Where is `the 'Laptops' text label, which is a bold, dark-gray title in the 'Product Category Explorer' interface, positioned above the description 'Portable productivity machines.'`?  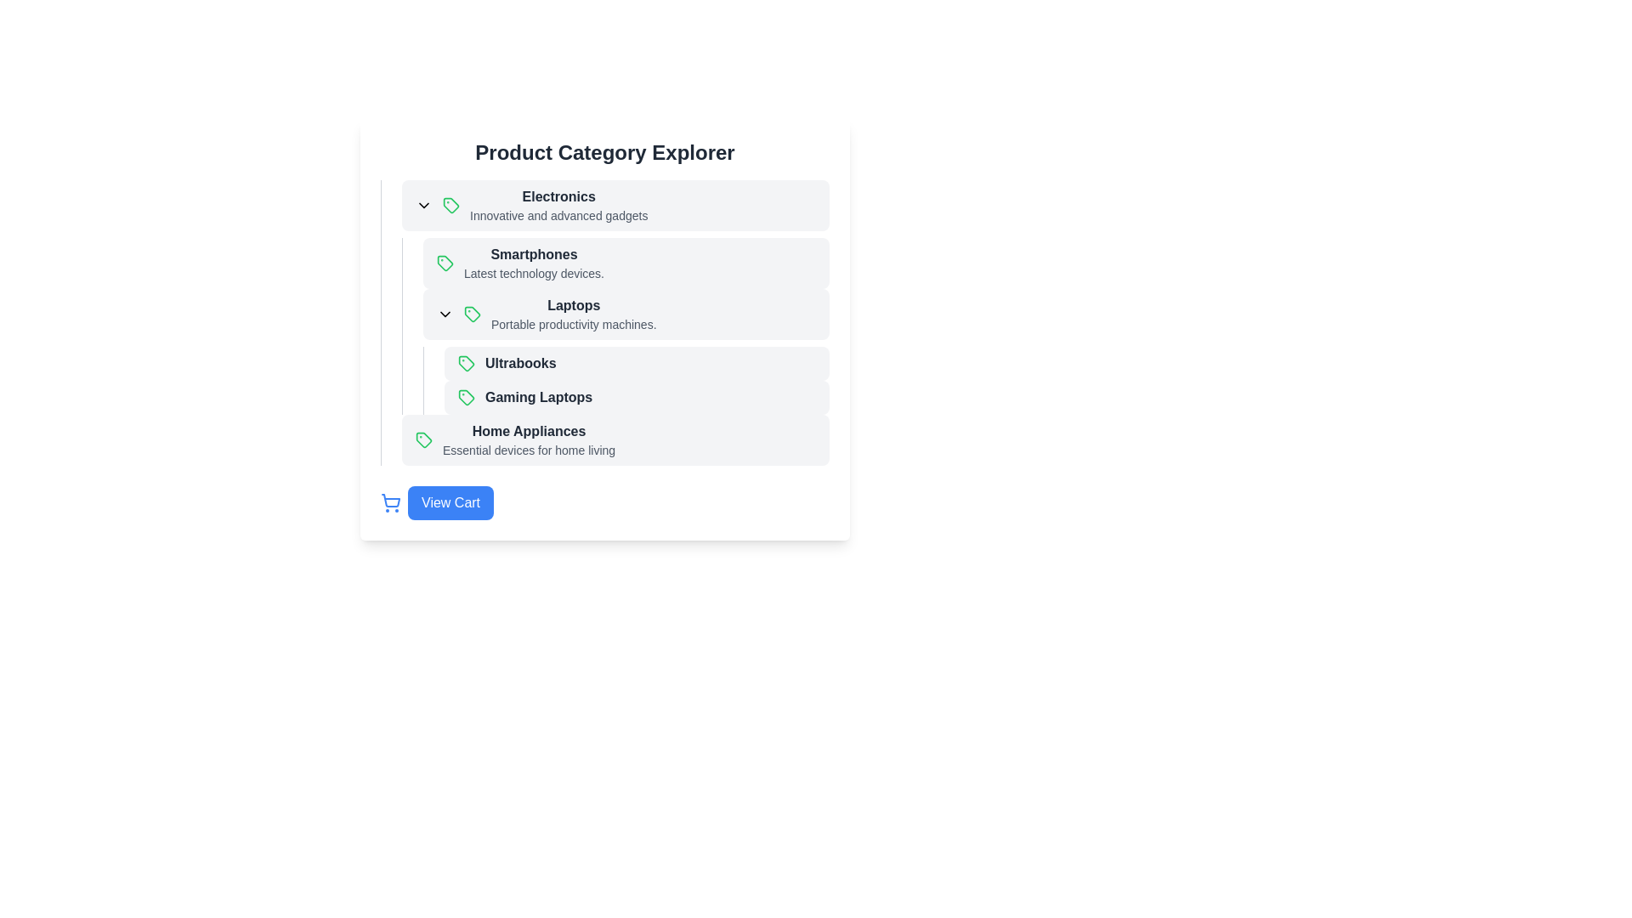 the 'Laptops' text label, which is a bold, dark-gray title in the 'Product Category Explorer' interface, positioned above the description 'Portable productivity machines.' is located at coordinates (574, 304).